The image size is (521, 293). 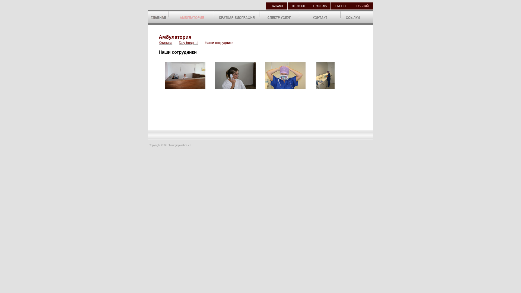 What do you see at coordinates (320, 6) in the screenshot?
I see `'FRANCAIS'` at bounding box center [320, 6].